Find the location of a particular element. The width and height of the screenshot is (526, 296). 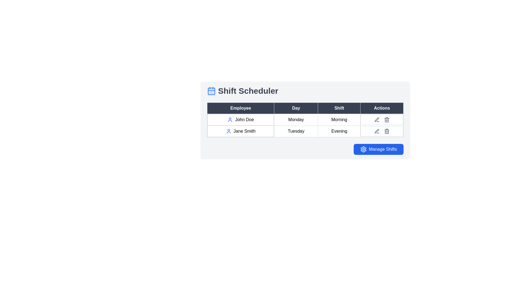

the third column header in the table that is positioned between the headers labeled 'Day' and 'Actions' is located at coordinates (339, 108).